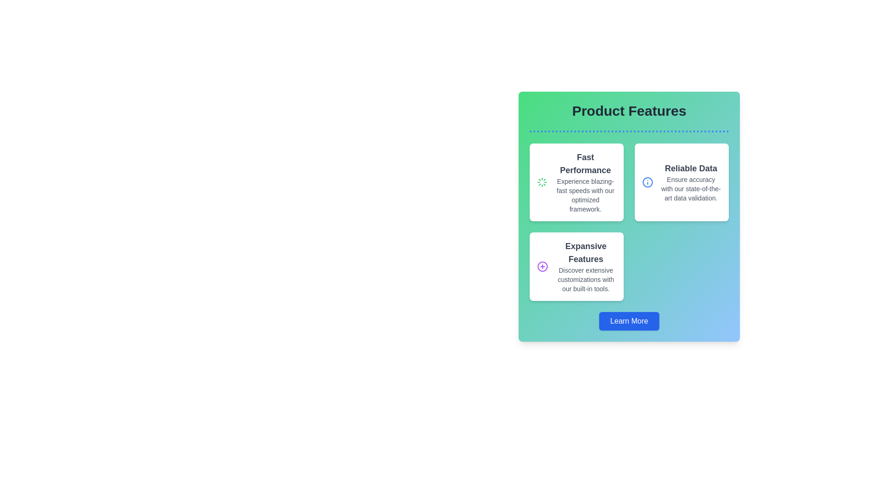 This screenshot has width=889, height=500. I want to click on the informational text providing details about the 'Reliable Data' feature, located below the heading 'Reliable Data' in the top-right corner of the interface, so click(691, 188).